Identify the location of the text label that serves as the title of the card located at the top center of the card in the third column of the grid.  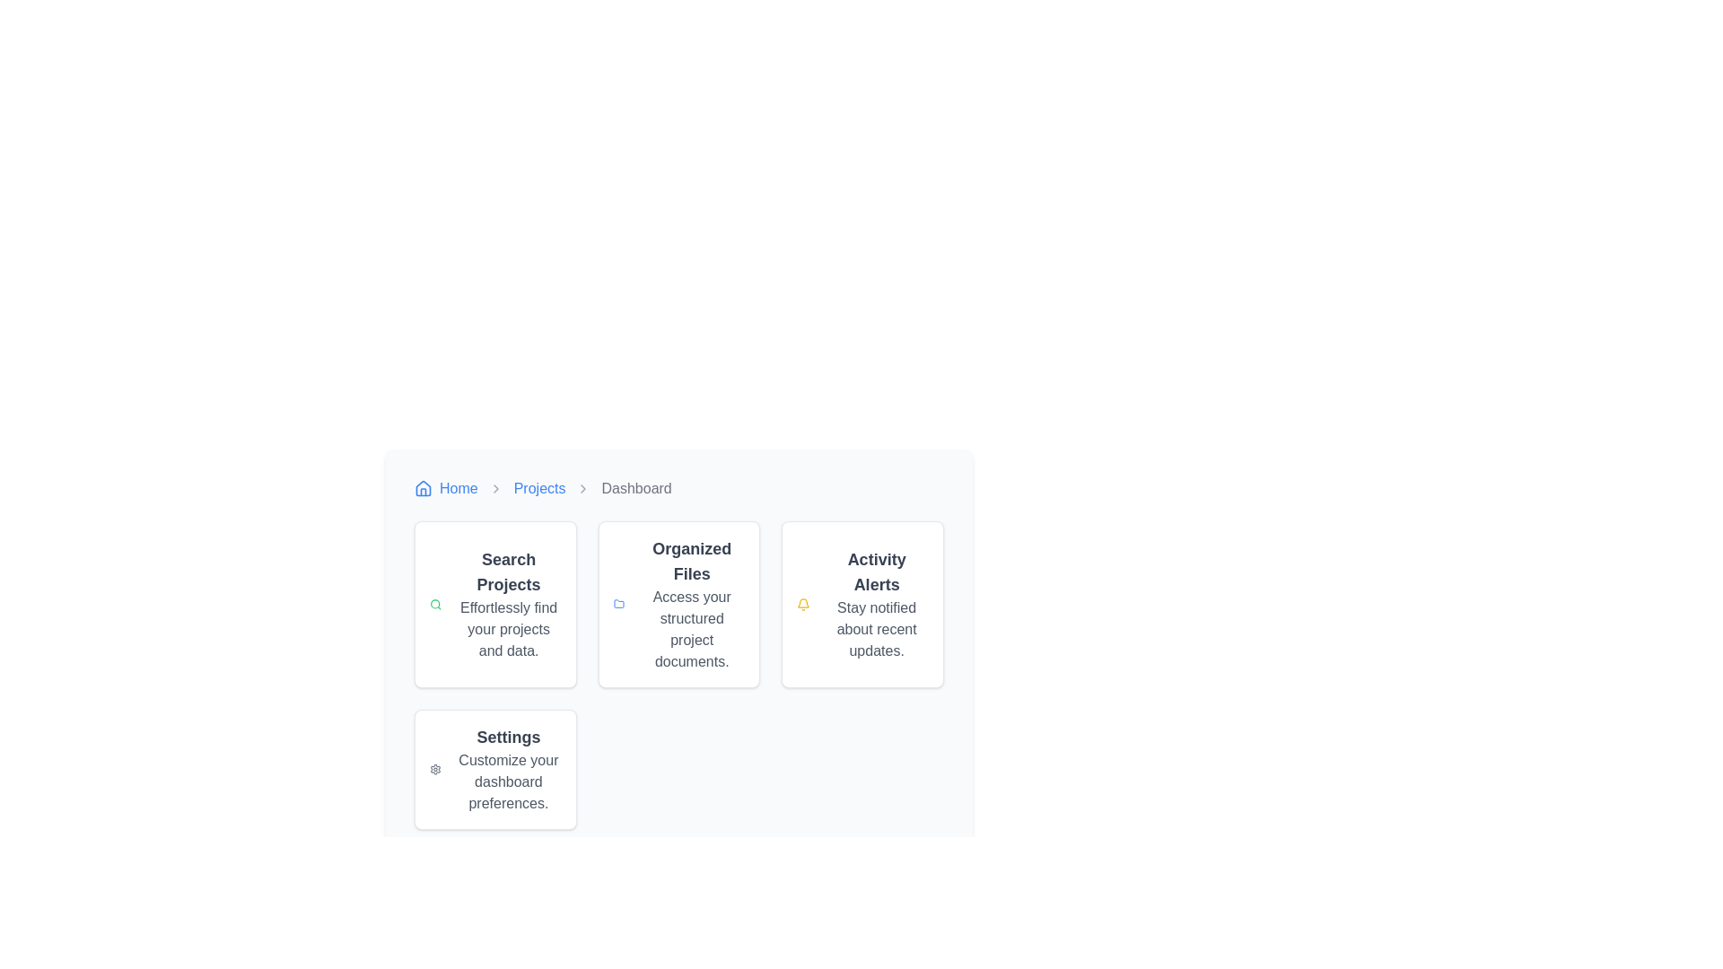
(877, 572).